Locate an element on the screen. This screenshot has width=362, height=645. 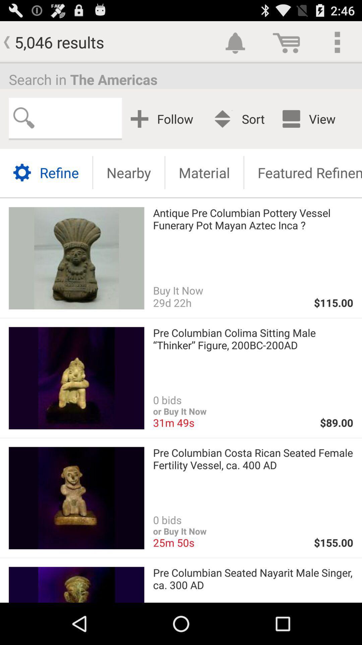
app to the left of best match icon is located at coordinates (164, 119).